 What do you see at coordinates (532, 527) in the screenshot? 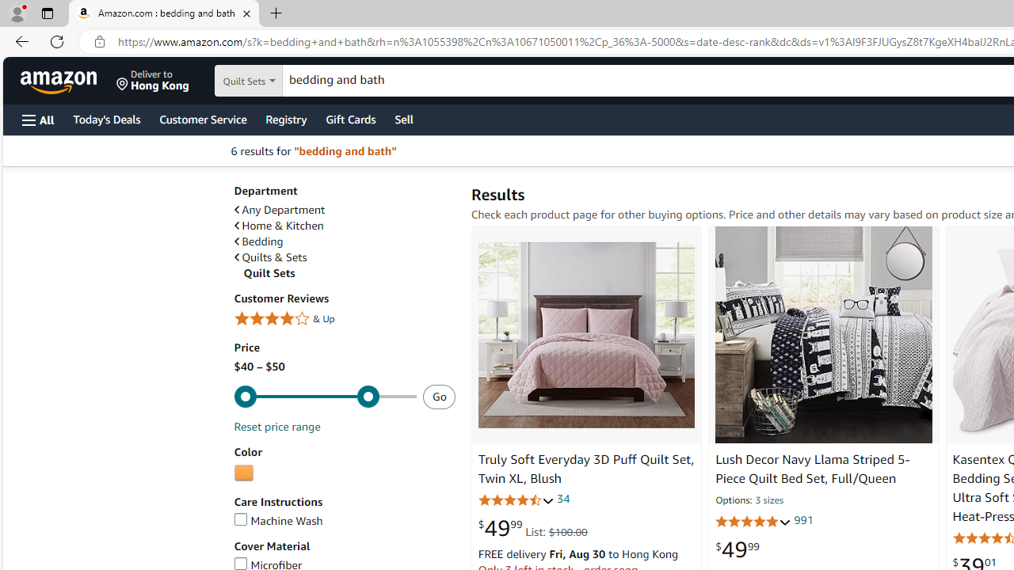
I see `'$49.99 List: $100.00'` at bounding box center [532, 527].